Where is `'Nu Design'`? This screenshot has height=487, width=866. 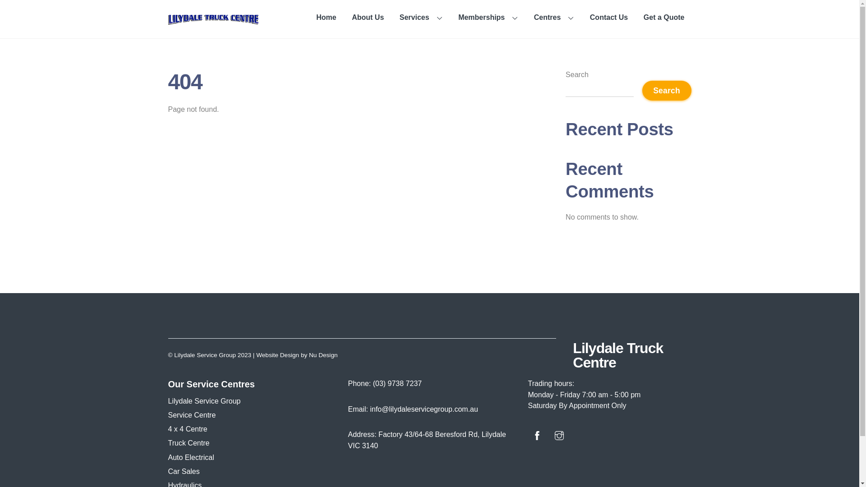 'Nu Design' is located at coordinates (323, 354).